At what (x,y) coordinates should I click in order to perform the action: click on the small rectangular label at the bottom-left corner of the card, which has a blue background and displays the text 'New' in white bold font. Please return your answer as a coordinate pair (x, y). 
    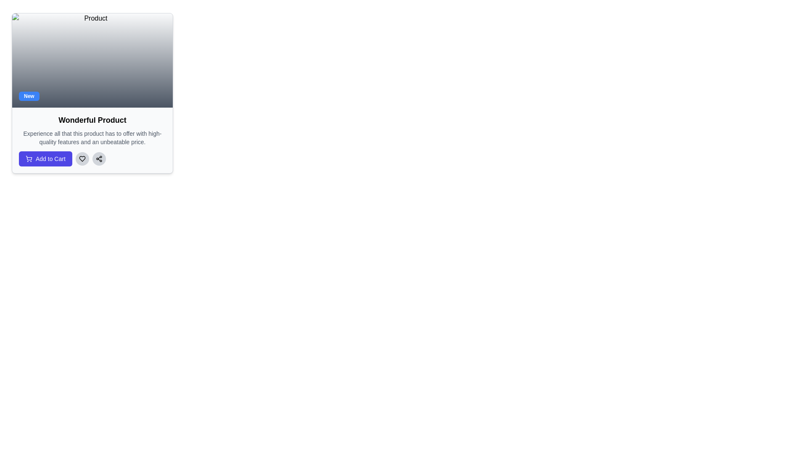
    Looking at the image, I should click on (29, 95).